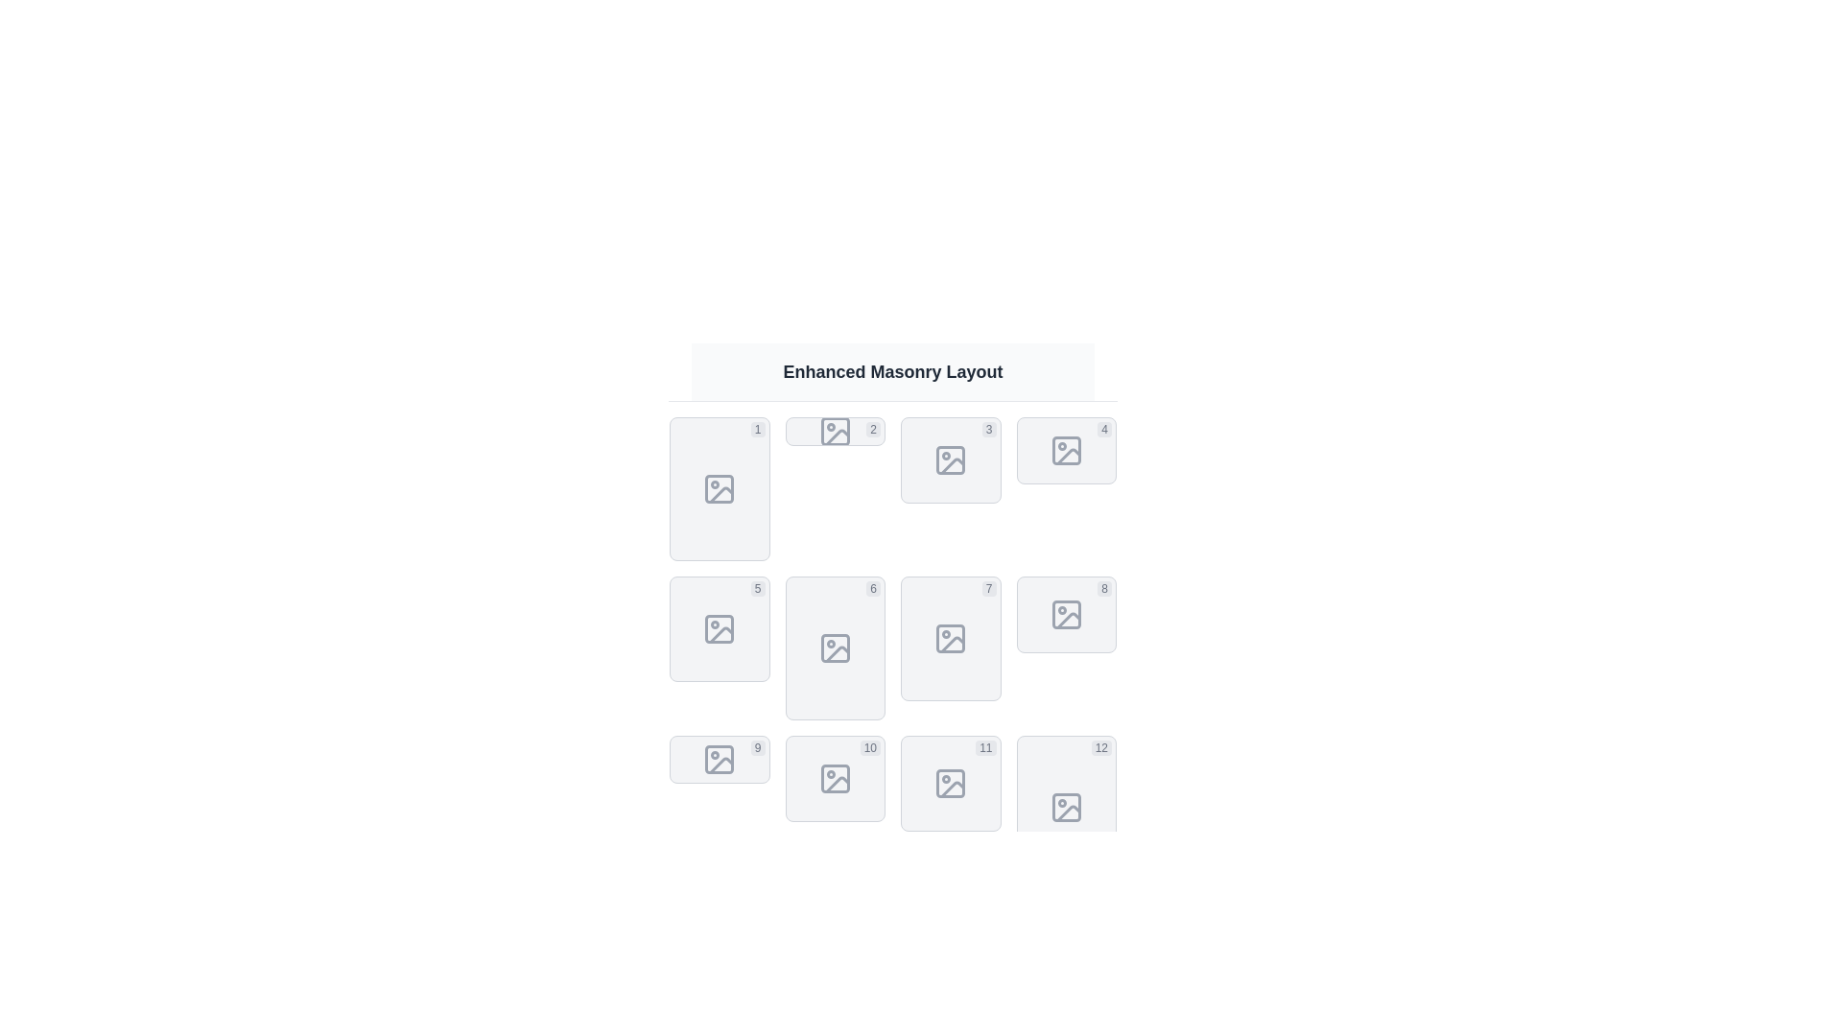  I want to click on the rectangular element with rounded corners located in the bottom-right segment of the grid layout, specifically the 12th item, which is part of an SVG icon representing an image, so click(1065, 807).